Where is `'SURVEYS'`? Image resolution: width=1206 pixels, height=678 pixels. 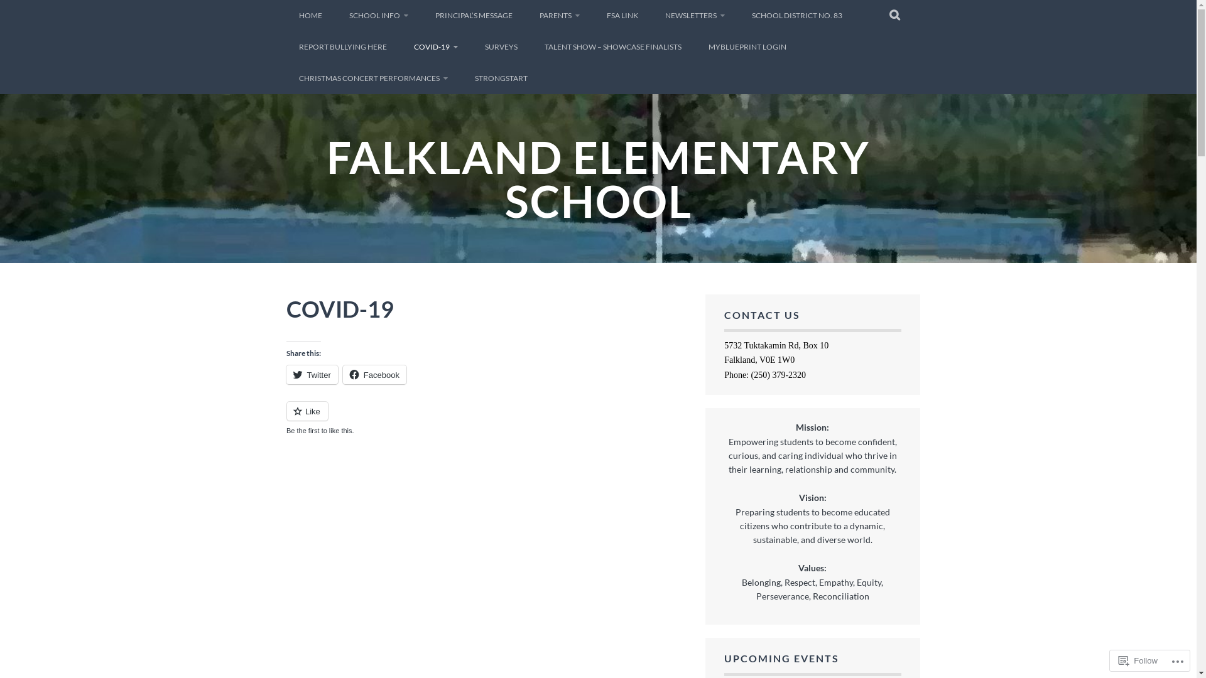 'SURVEYS' is located at coordinates (500, 46).